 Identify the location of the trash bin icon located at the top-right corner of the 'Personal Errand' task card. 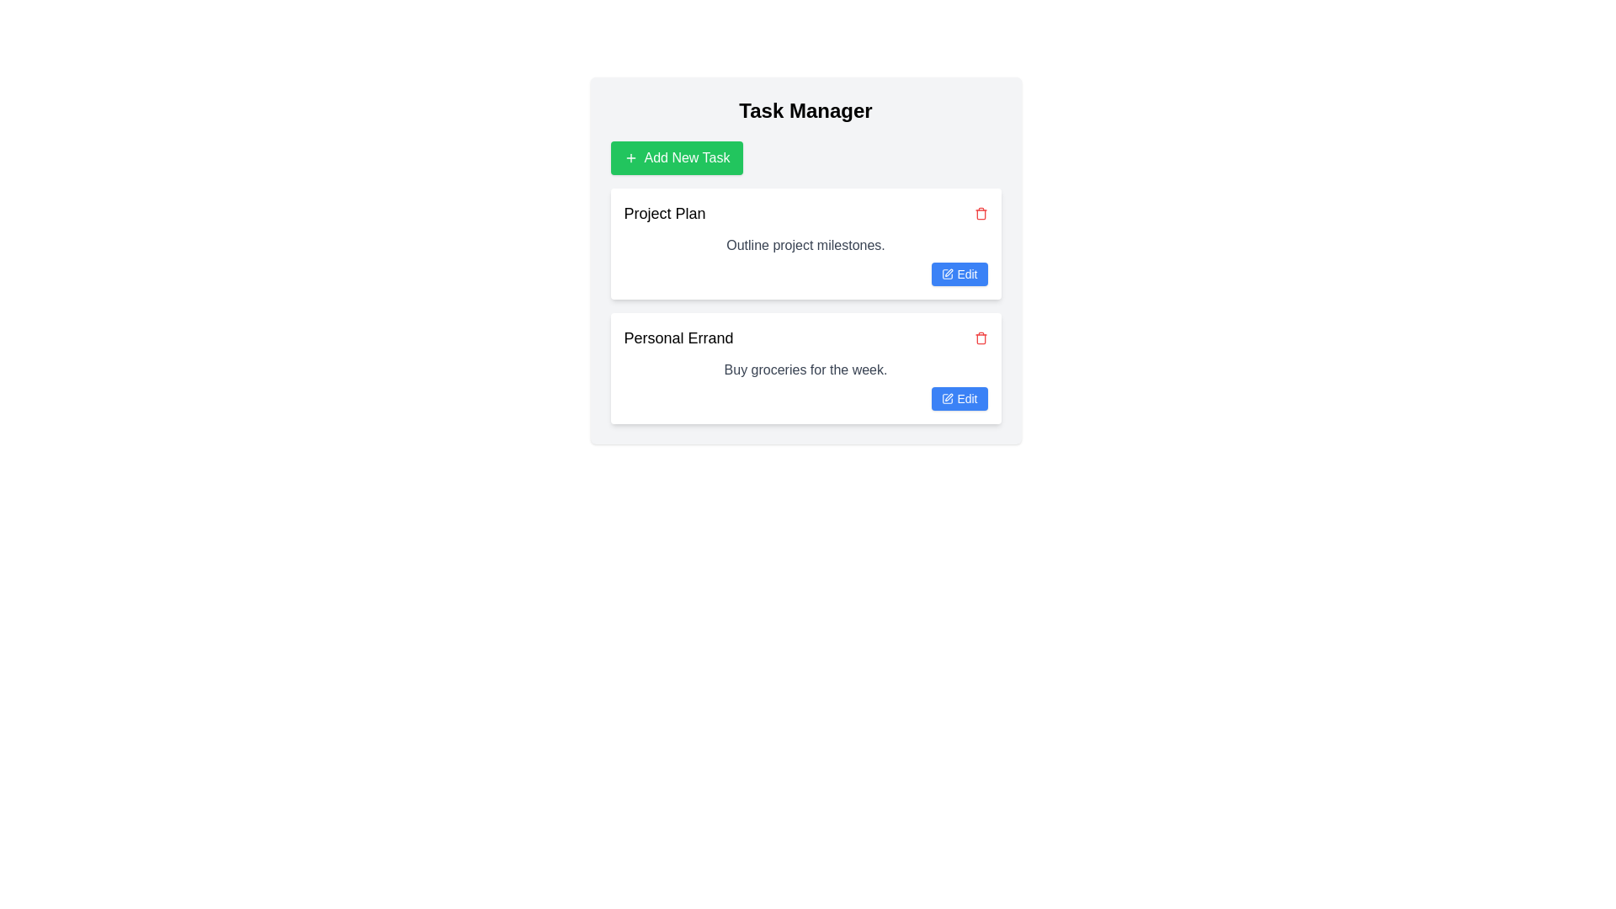
(981, 339).